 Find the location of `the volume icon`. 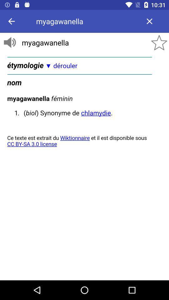

the volume icon is located at coordinates (9, 42).